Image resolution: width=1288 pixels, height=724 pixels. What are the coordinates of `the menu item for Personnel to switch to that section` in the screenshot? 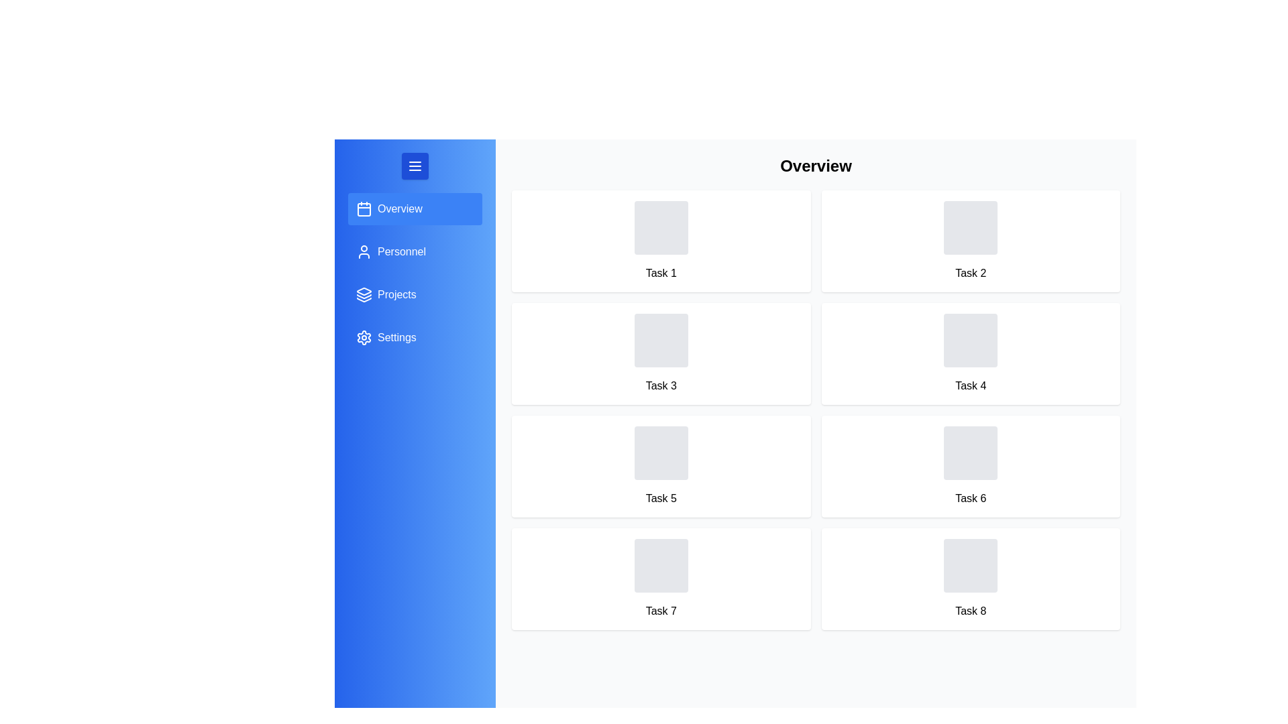 It's located at (415, 251).